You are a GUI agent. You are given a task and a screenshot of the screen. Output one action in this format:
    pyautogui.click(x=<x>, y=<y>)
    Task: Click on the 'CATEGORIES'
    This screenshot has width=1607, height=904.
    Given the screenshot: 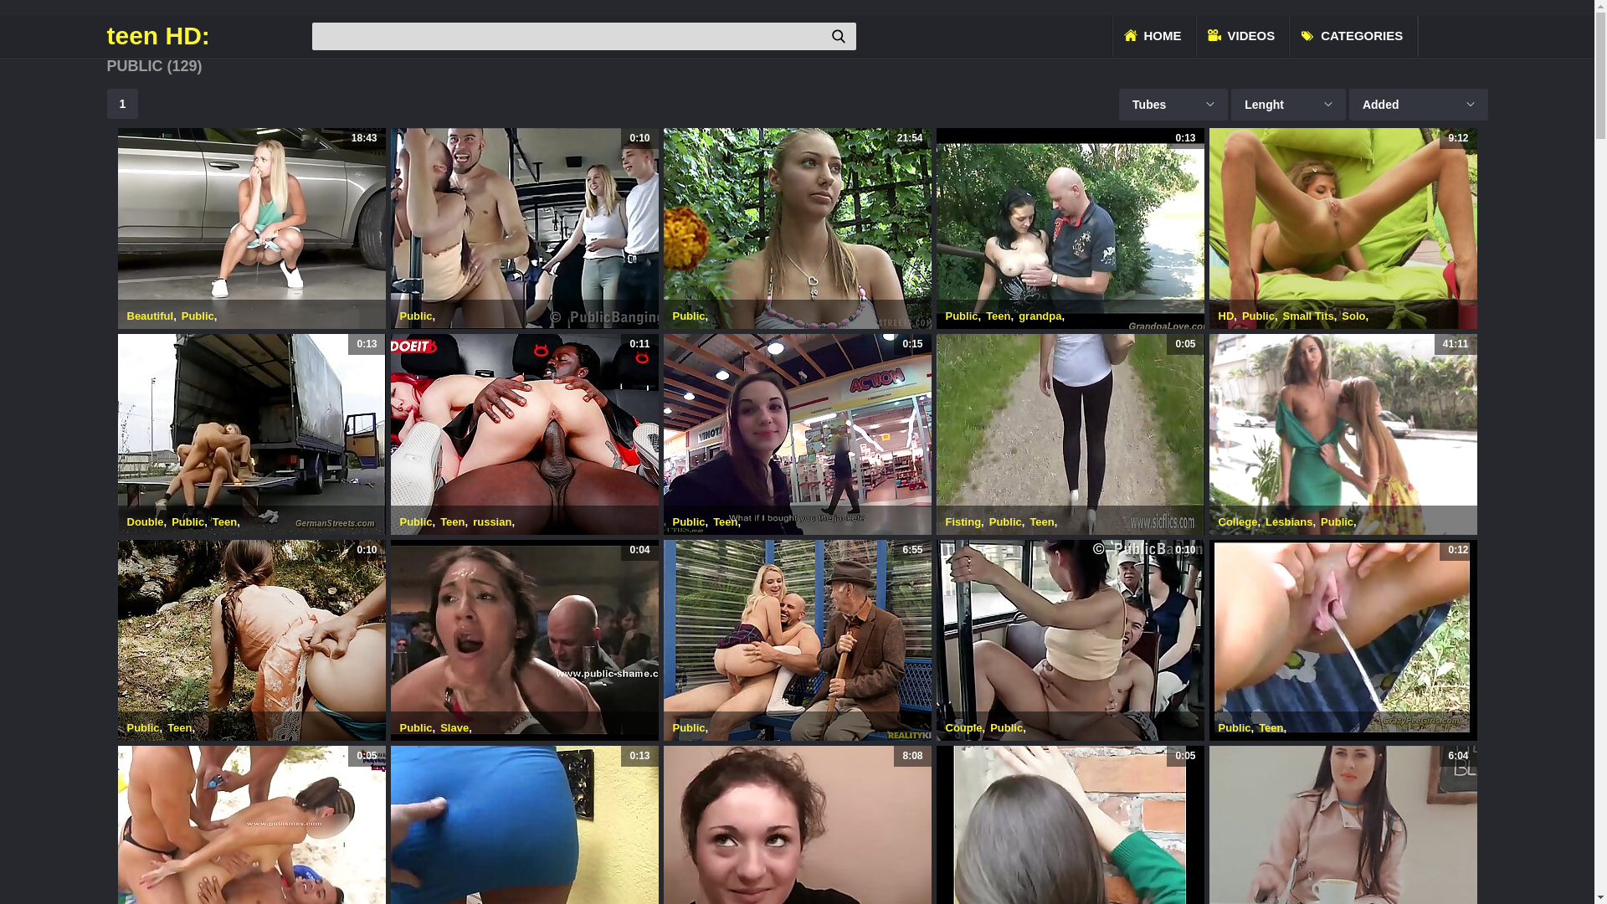 What is the action you would take?
    pyautogui.click(x=1353, y=35)
    